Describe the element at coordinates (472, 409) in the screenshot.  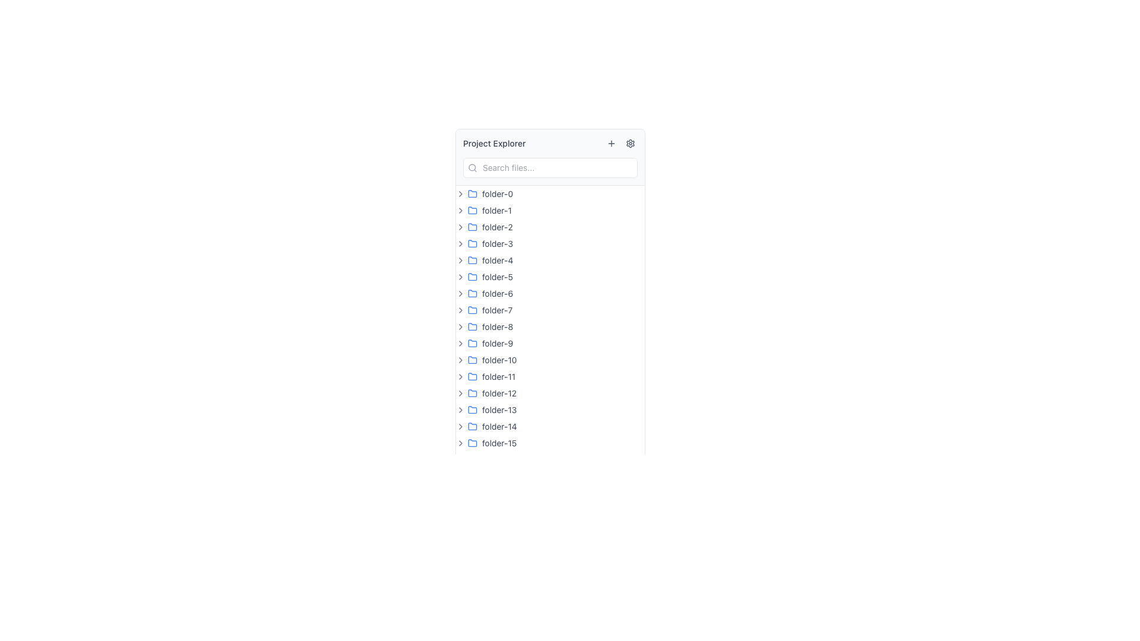
I see `the folder icon representing 'folder-13' located to the left in the vertical list of folder items` at that location.